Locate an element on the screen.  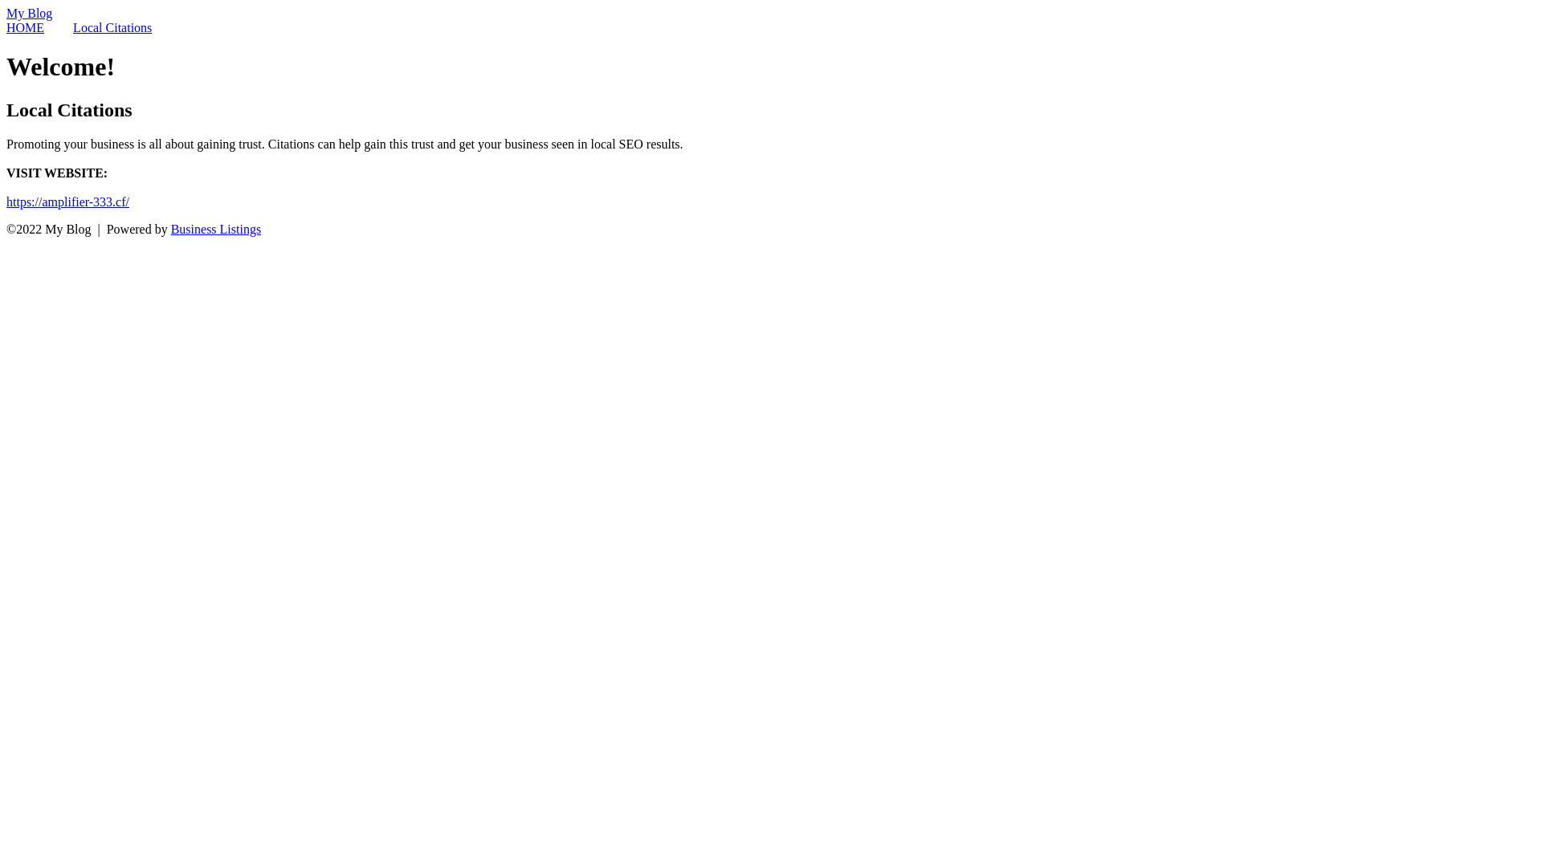
'https://amplifier-333.cf/' is located at coordinates (67, 201).